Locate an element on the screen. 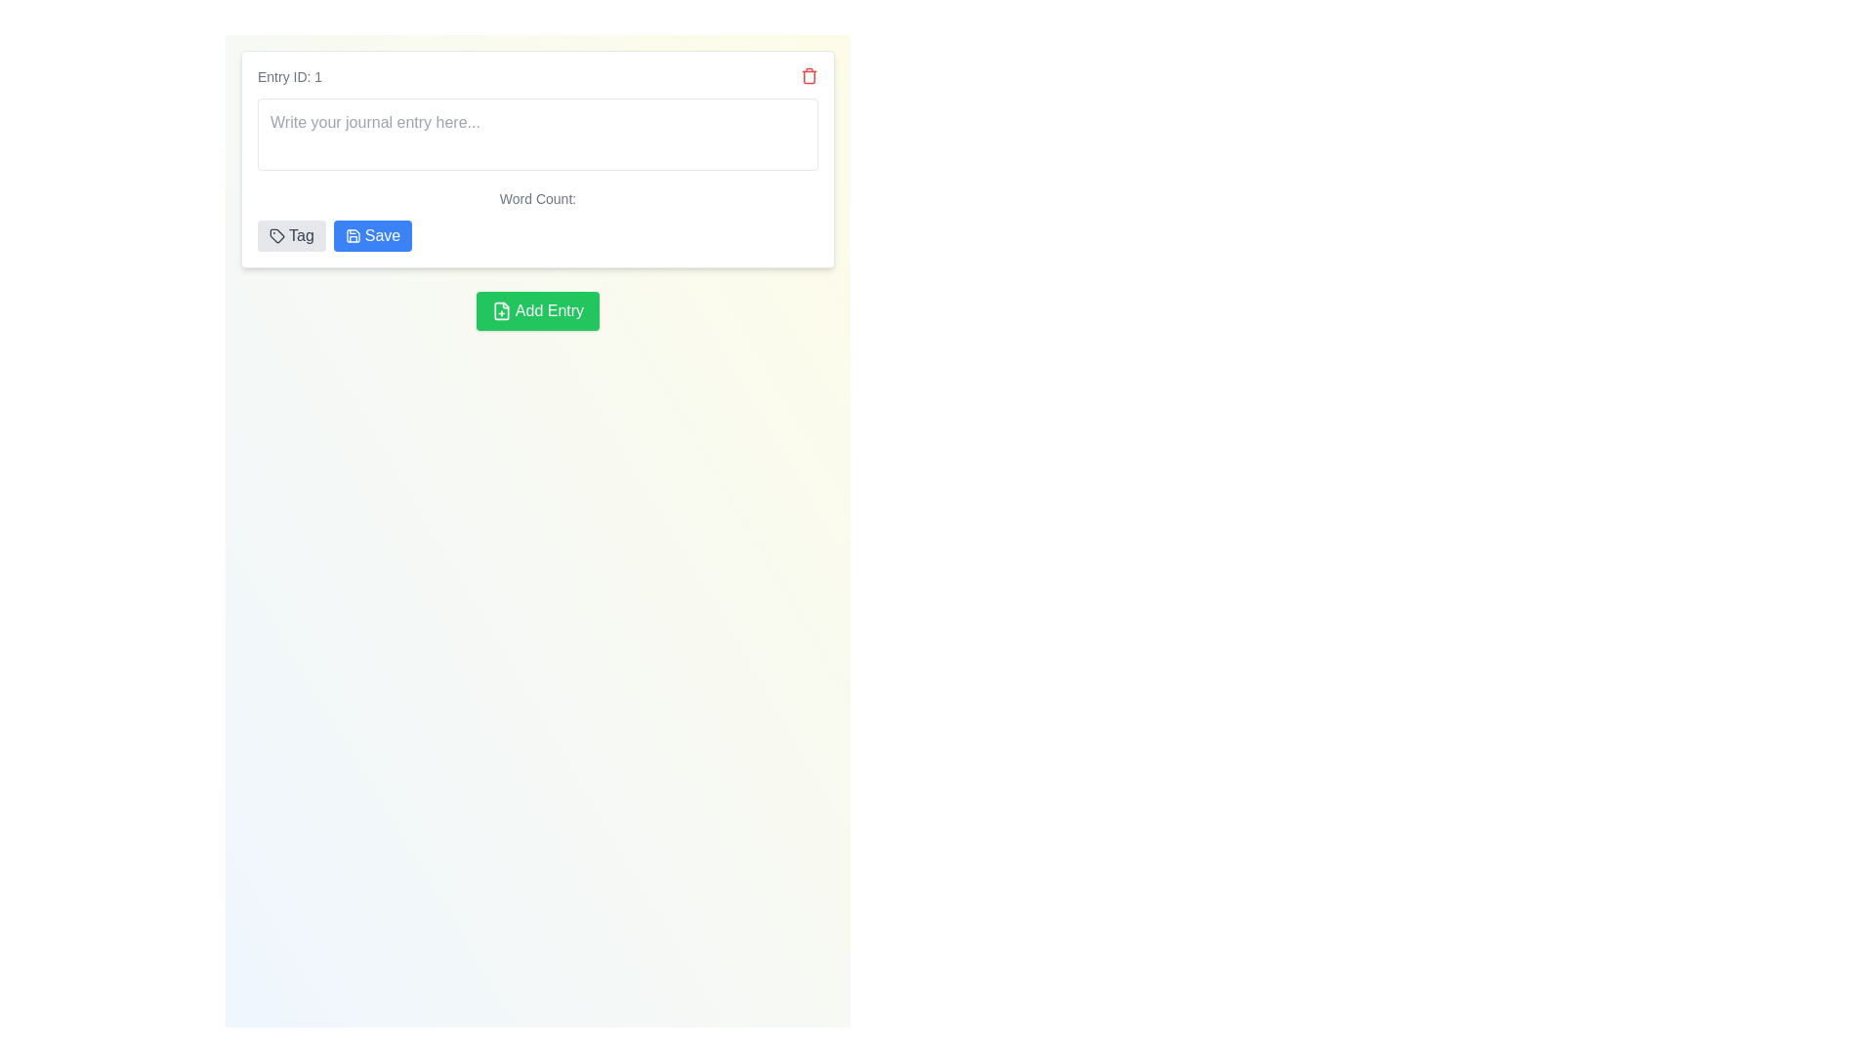  the 'Add Entry' text label styled in white font, which is part of a button with a green background and includes a file icon with a plus sign is located at coordinates (548, 310).